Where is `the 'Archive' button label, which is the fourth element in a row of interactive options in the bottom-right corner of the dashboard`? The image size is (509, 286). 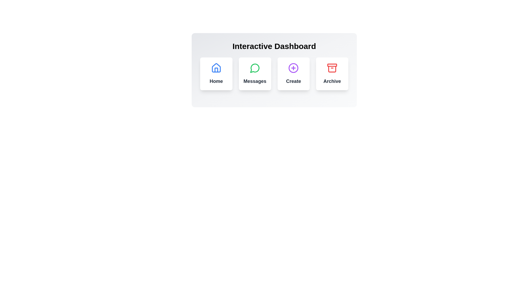 the 'Archive' button label, which is the fourth element in a row of interactive options in the bottom-right corner of the dashboard is located at coordinates (332, 81).